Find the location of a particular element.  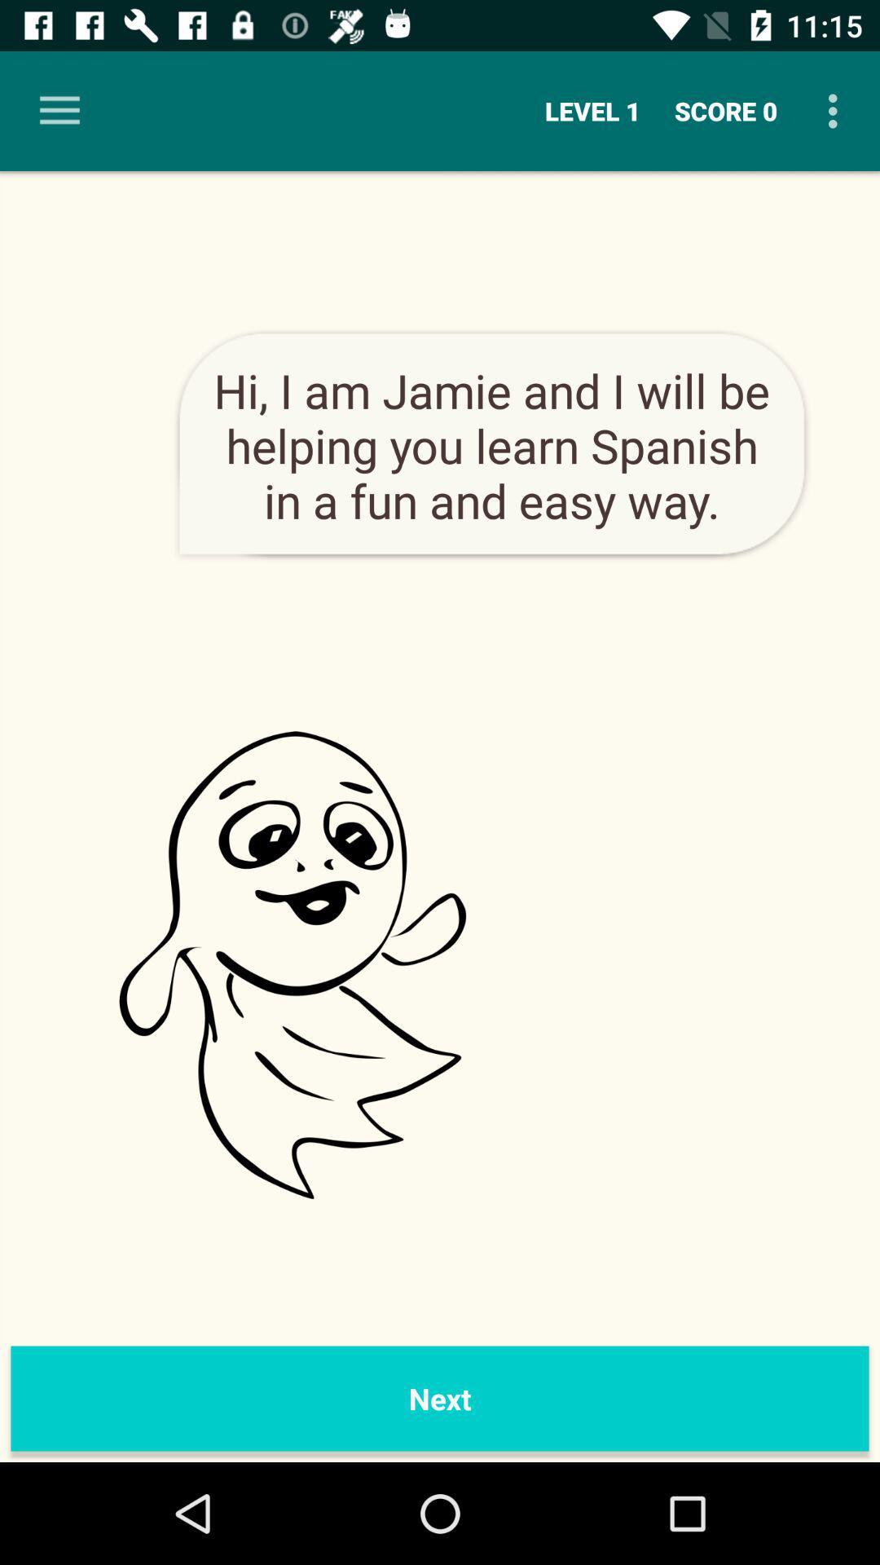

the icon next to the level 1 is located at coordinates (725, 110).